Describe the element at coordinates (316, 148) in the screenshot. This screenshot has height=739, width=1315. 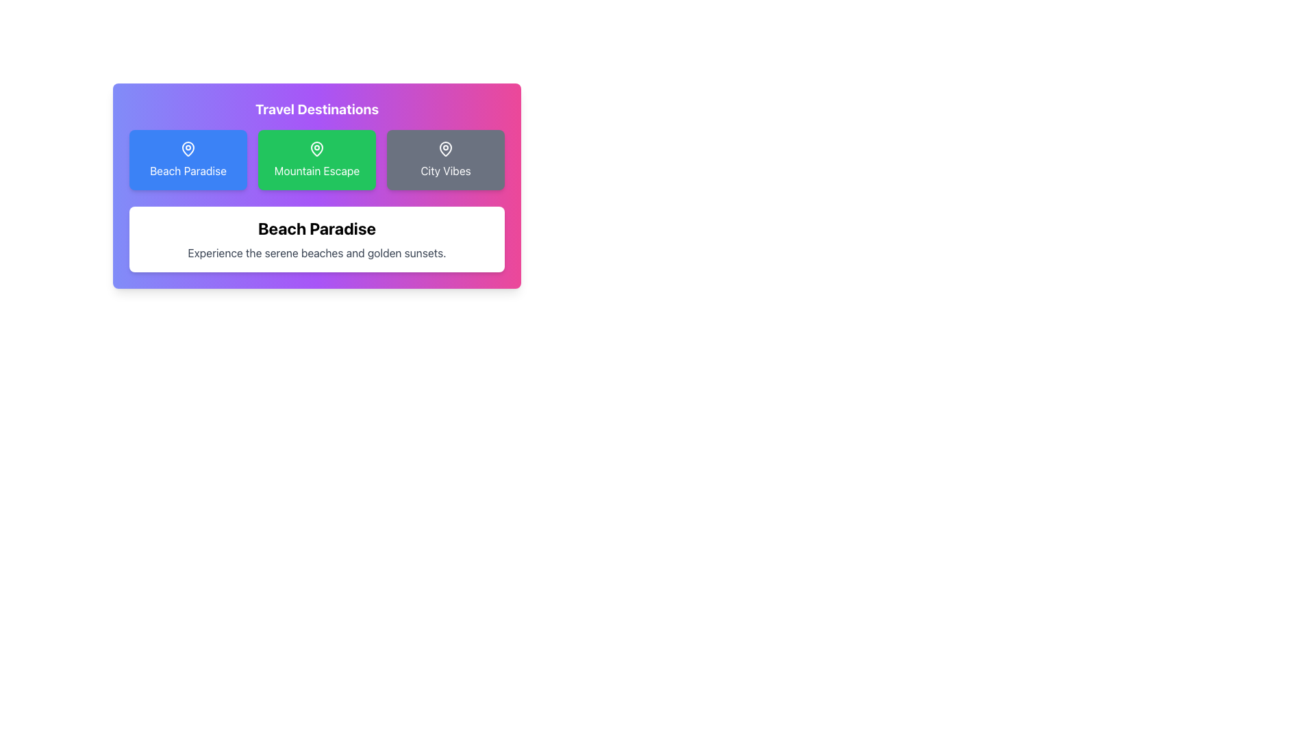
I see `the decorative vector graphic/icon located centrally above the text label within the green card titled 'Mountain Escape'` at that location.